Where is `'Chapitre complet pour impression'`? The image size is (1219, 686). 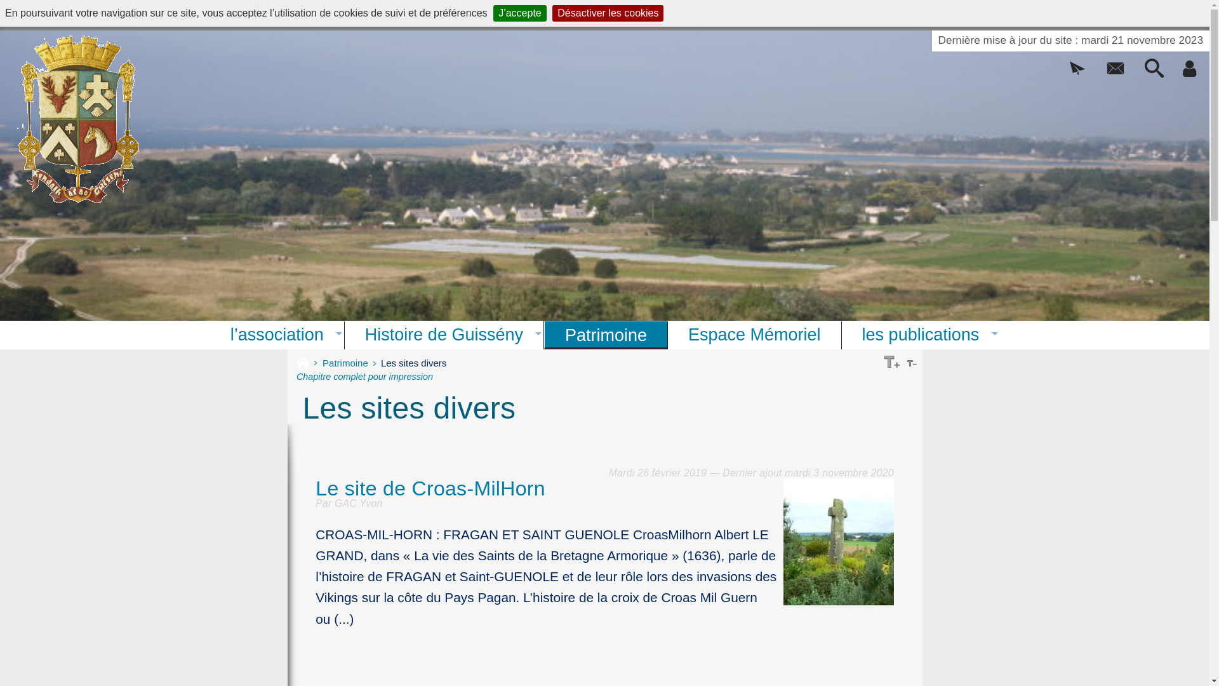 'Chapitre complet pour impression' is located at coordinates (364, 376).